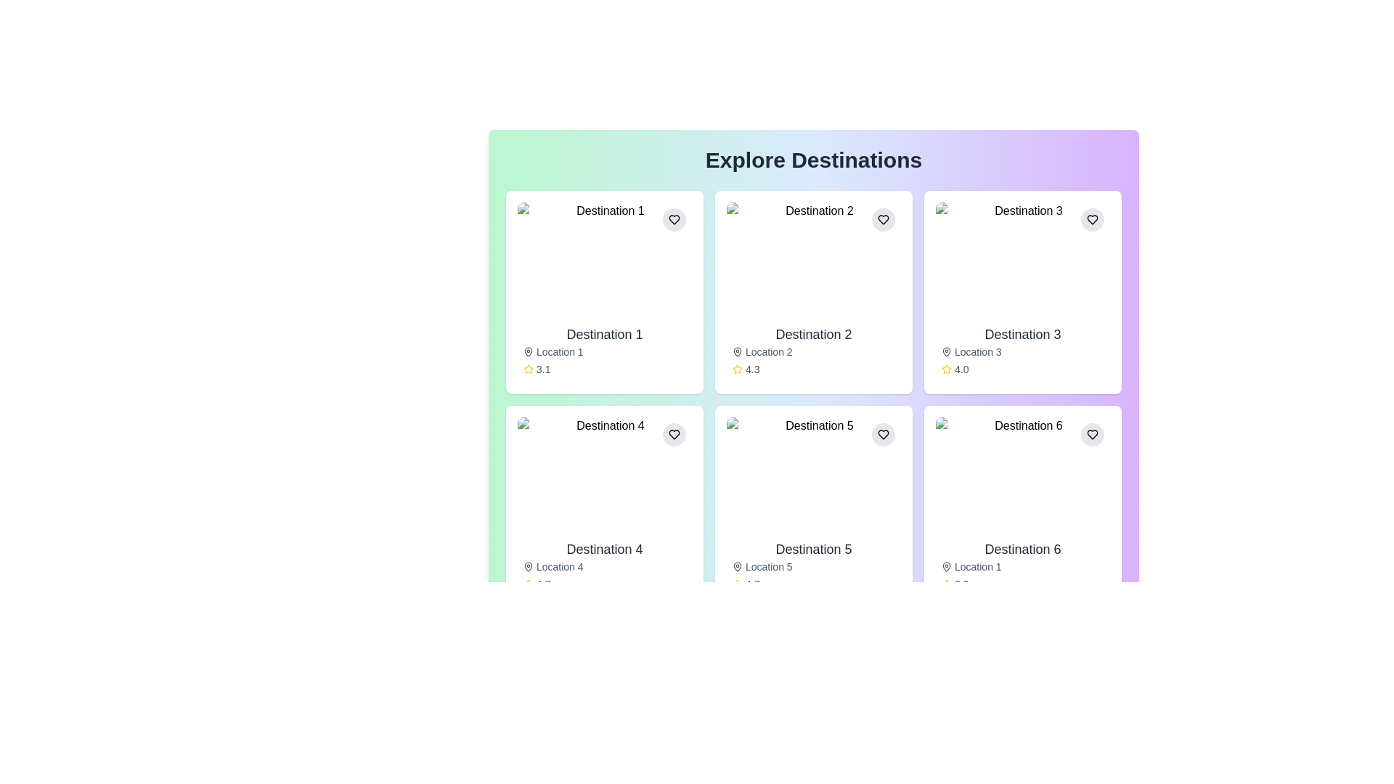  I want to click on the heart-shaped decorative icon to mark 'Destination 4' as favorite, so click(674, 433).